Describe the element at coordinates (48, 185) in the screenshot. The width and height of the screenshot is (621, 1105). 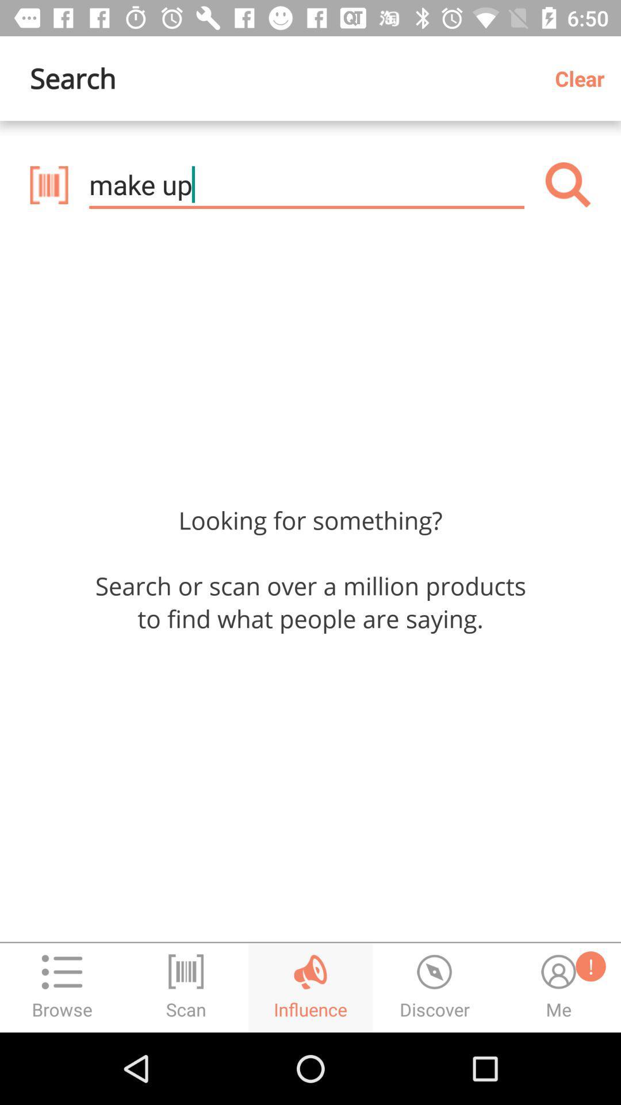
I see `the icon next to the make up` at that location.